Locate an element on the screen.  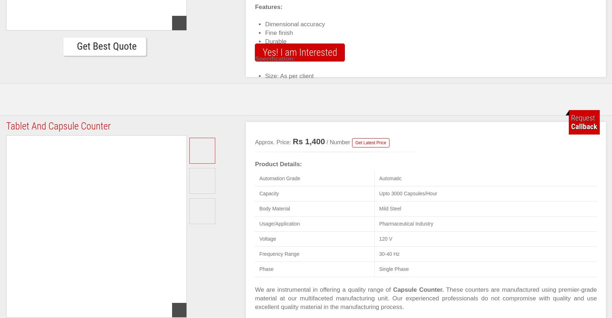
'Capsule Counter.' is located at coordinates (418, 289).